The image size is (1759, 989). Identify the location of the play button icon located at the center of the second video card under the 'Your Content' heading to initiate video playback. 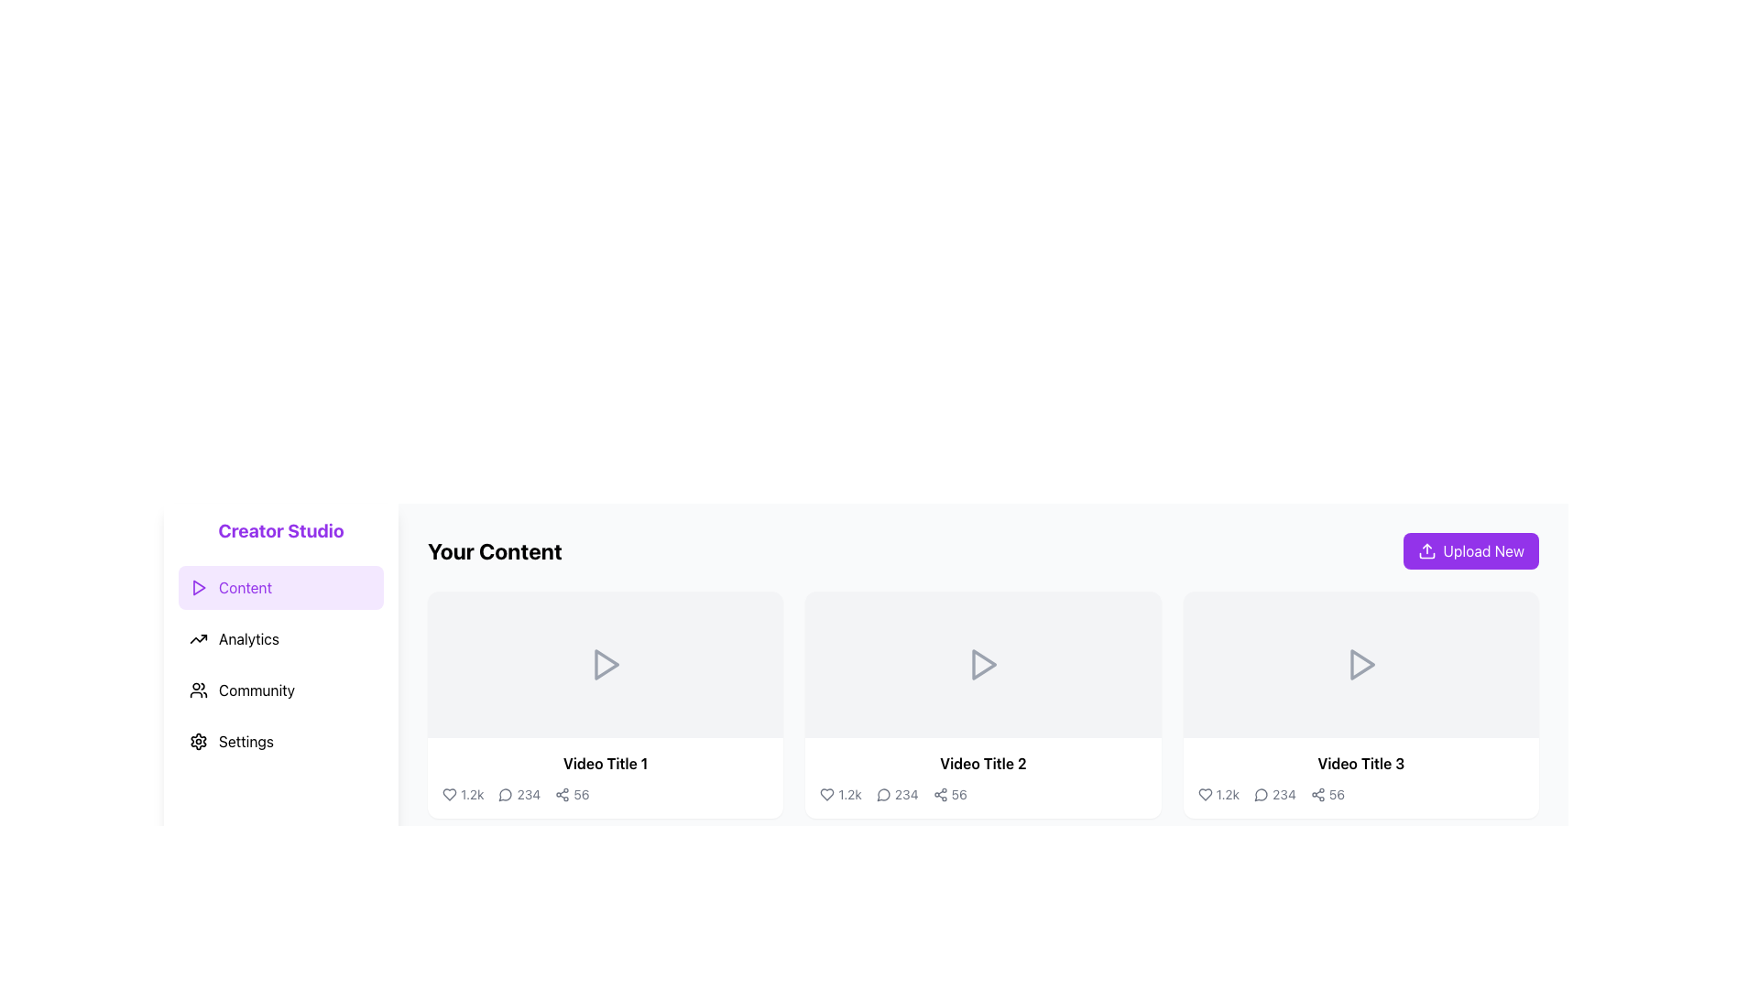
(984, 664).